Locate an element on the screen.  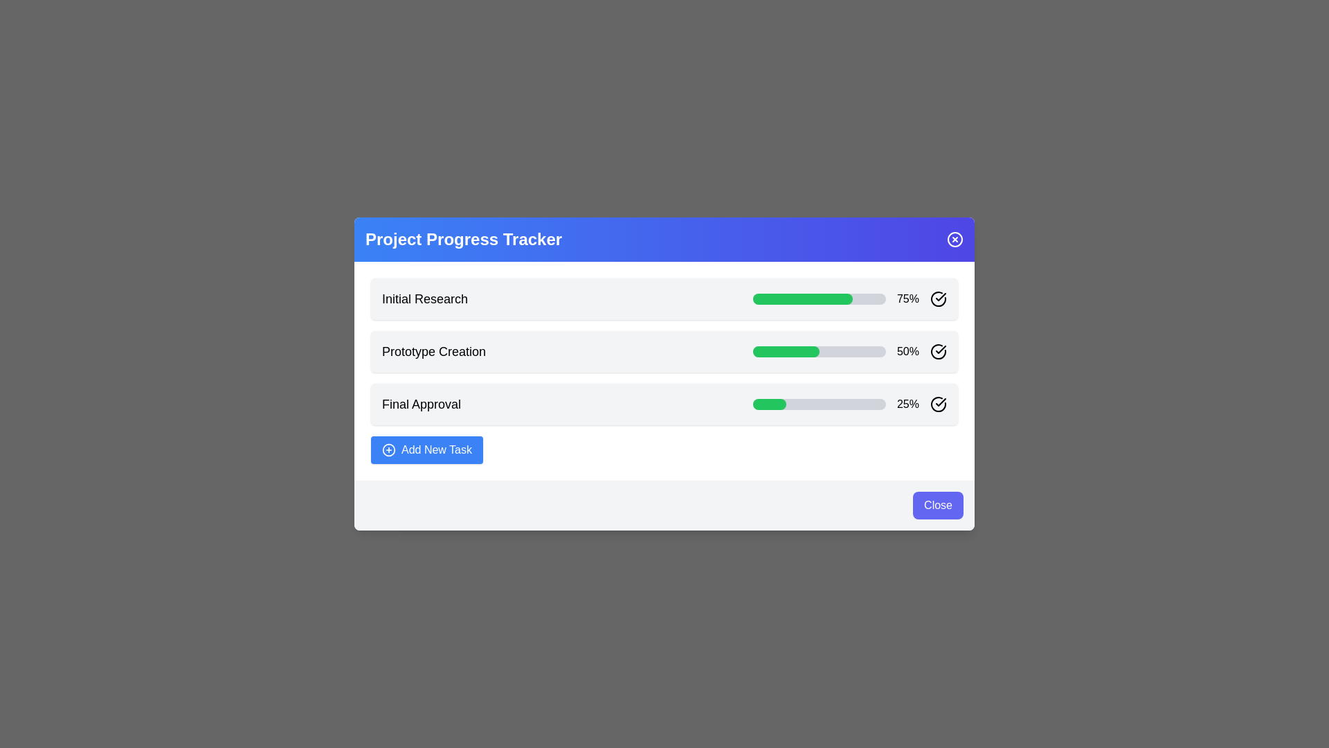
the task name 'Final Approval' by clicking on the task progress bar element that displays the text 'Final Approval' along with its progress indicator and tick mark icon is located at coordinates (664, 404).